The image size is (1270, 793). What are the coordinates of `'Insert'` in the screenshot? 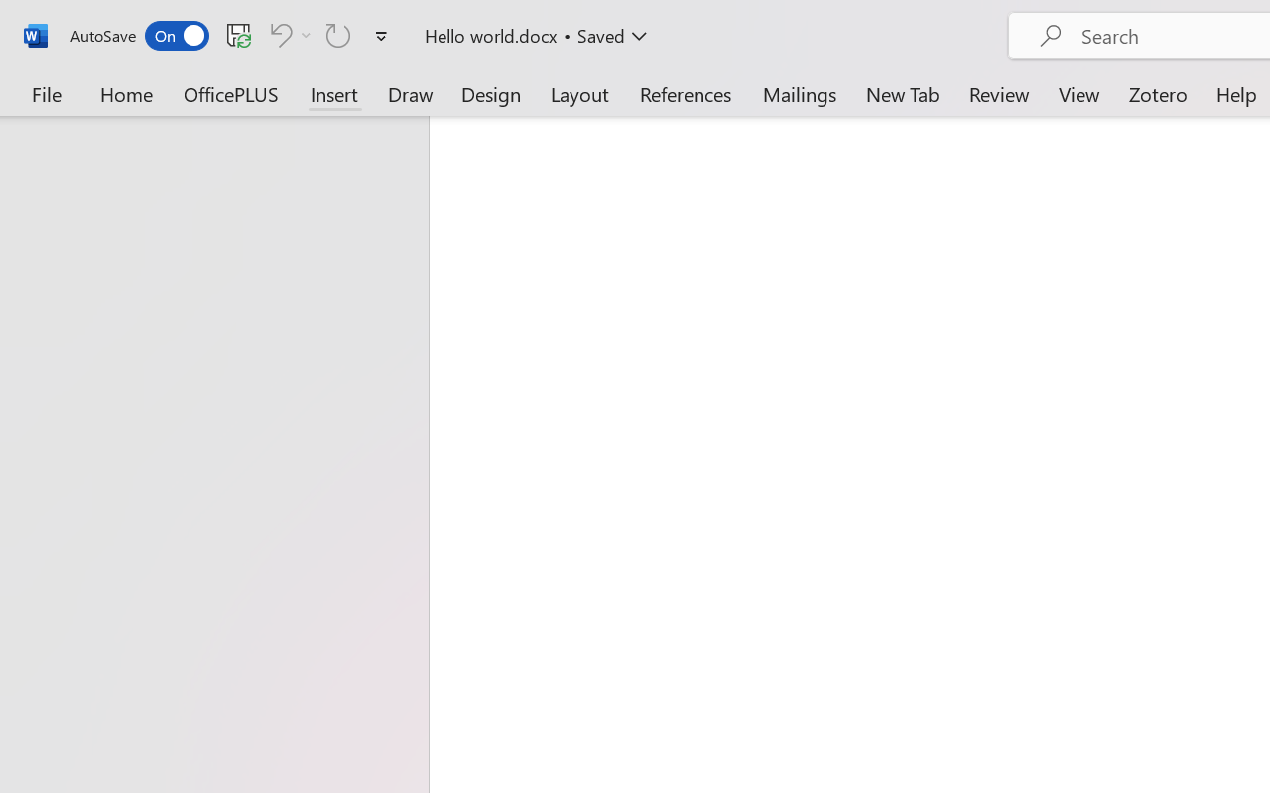 It's located at (334, 93).